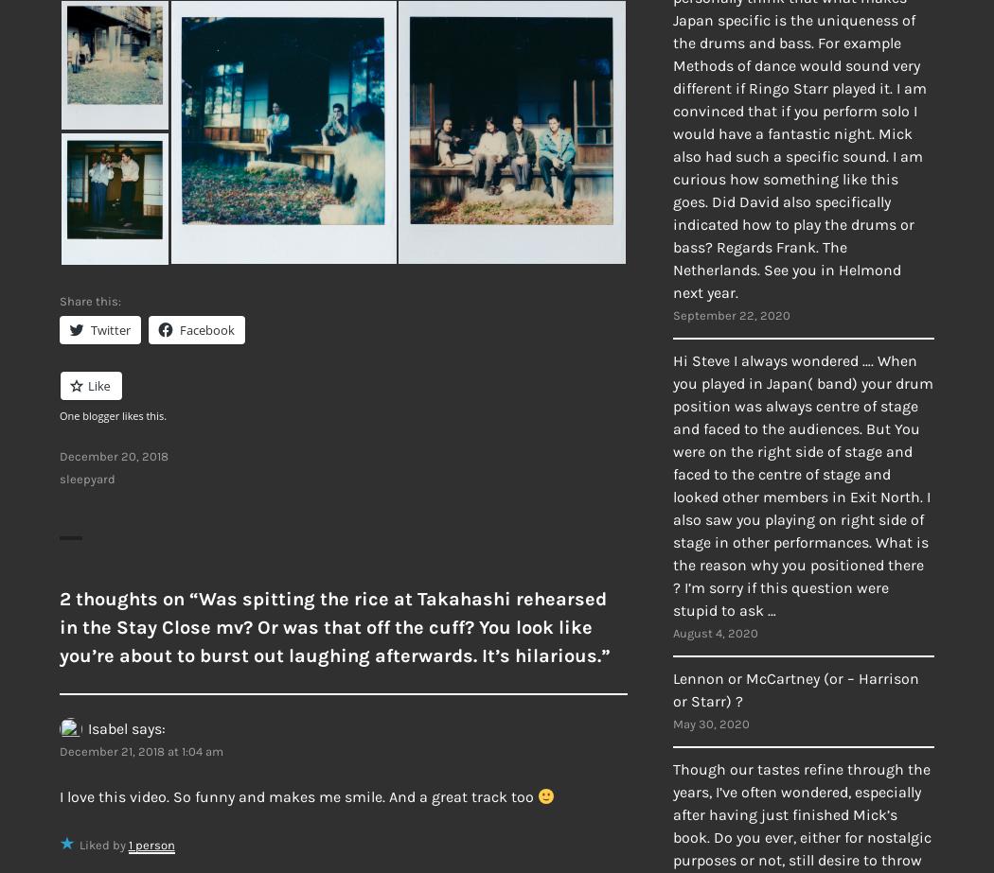 The height and width of the screenshot is (873, 994). What do you see at coordinates (206, 329) in the screenshot?
I see `'Facebook'` at bounding box center [206, 329].